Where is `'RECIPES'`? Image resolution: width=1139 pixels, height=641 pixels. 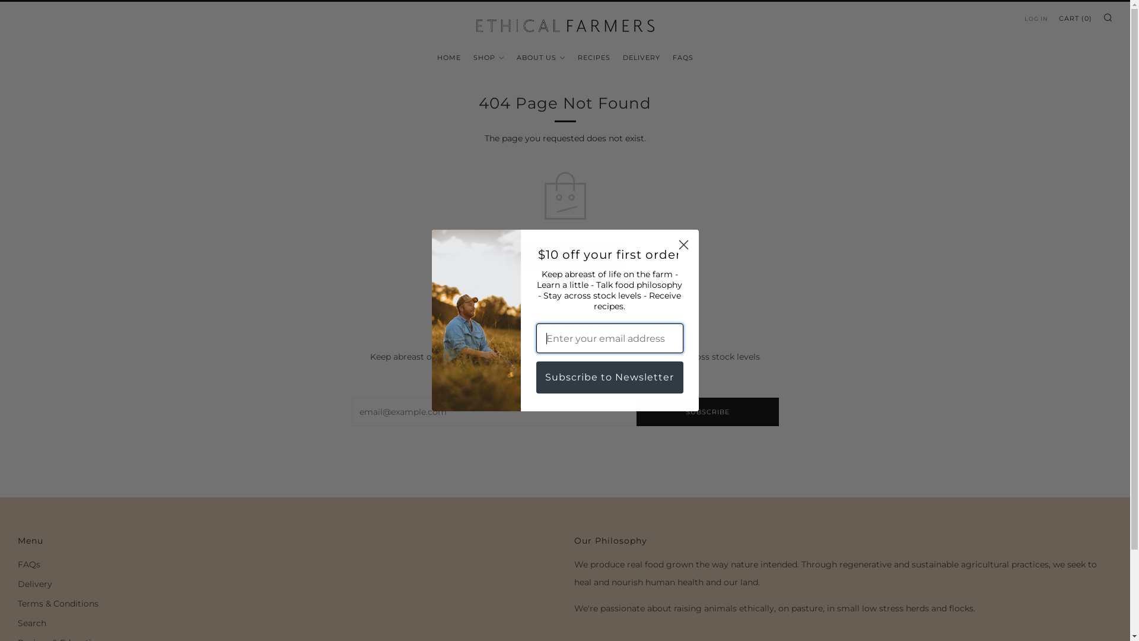
'RECIPES' is located at coordinates (578, 57).